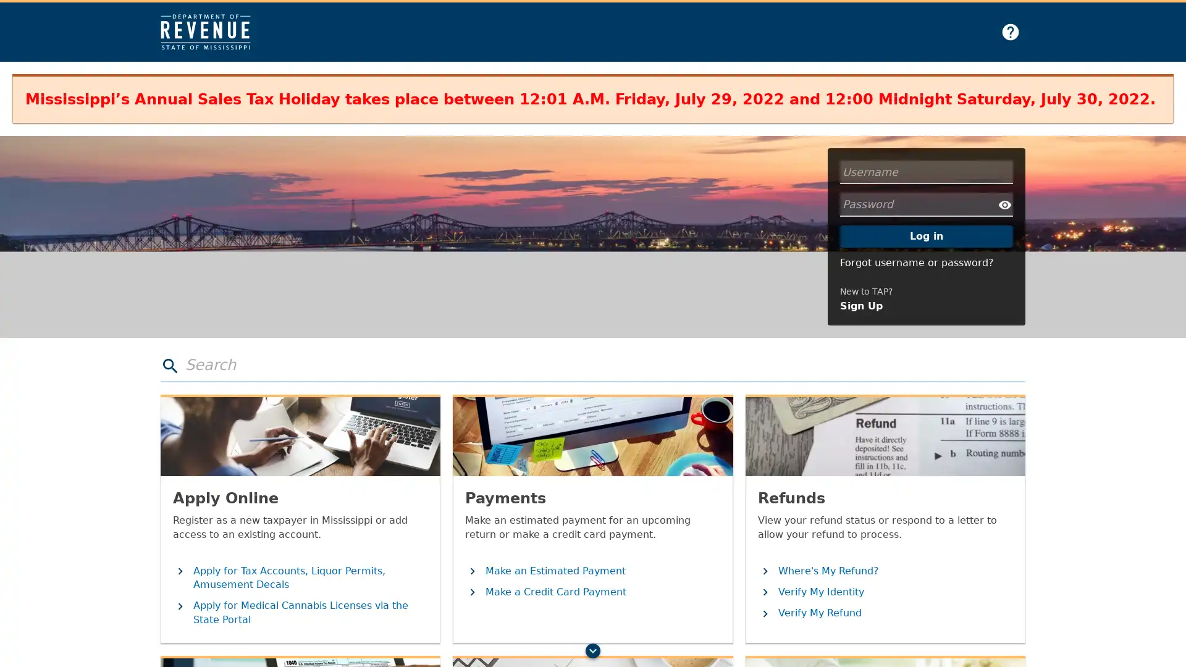  What do you see at coordinates (1005, 204) in the screenshot?
I see `Show/Hide Password` at bounding box center [1005, 204].